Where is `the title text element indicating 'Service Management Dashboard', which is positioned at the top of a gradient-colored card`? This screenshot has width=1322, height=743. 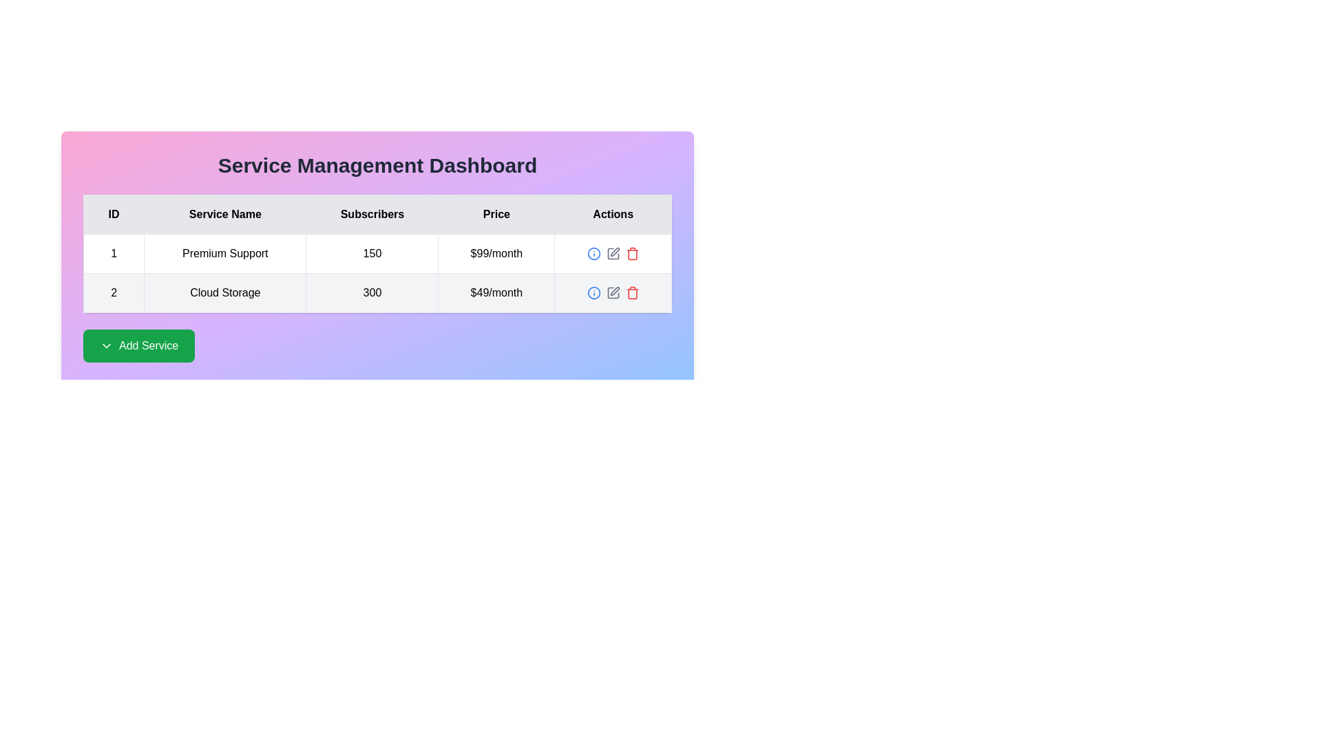 the title text element indicating 'Service Management Dashboard', which is positioned at the top of a gradient-colored card is located at coordinates (377, 164).